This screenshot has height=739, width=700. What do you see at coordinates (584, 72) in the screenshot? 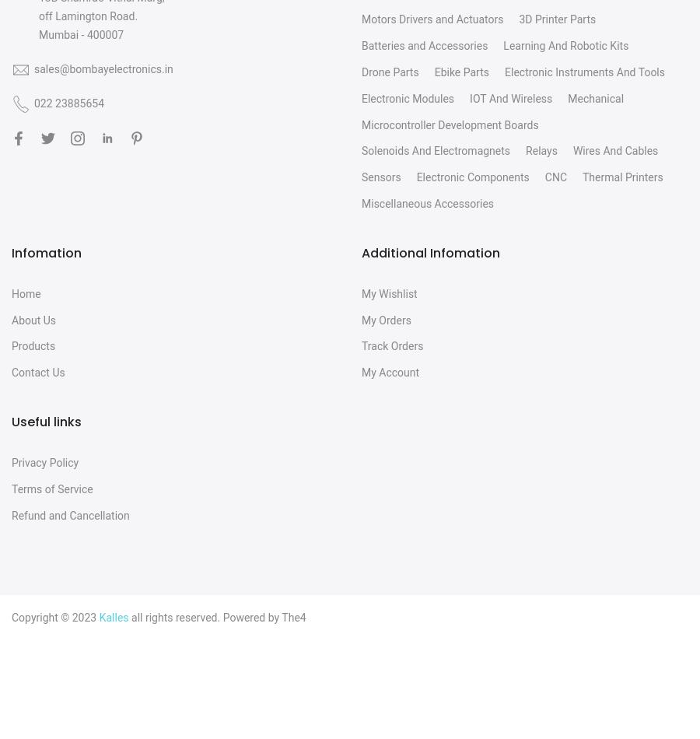
I see `'Electronic Instruments And Tools'` at bounding box center [584, 72].